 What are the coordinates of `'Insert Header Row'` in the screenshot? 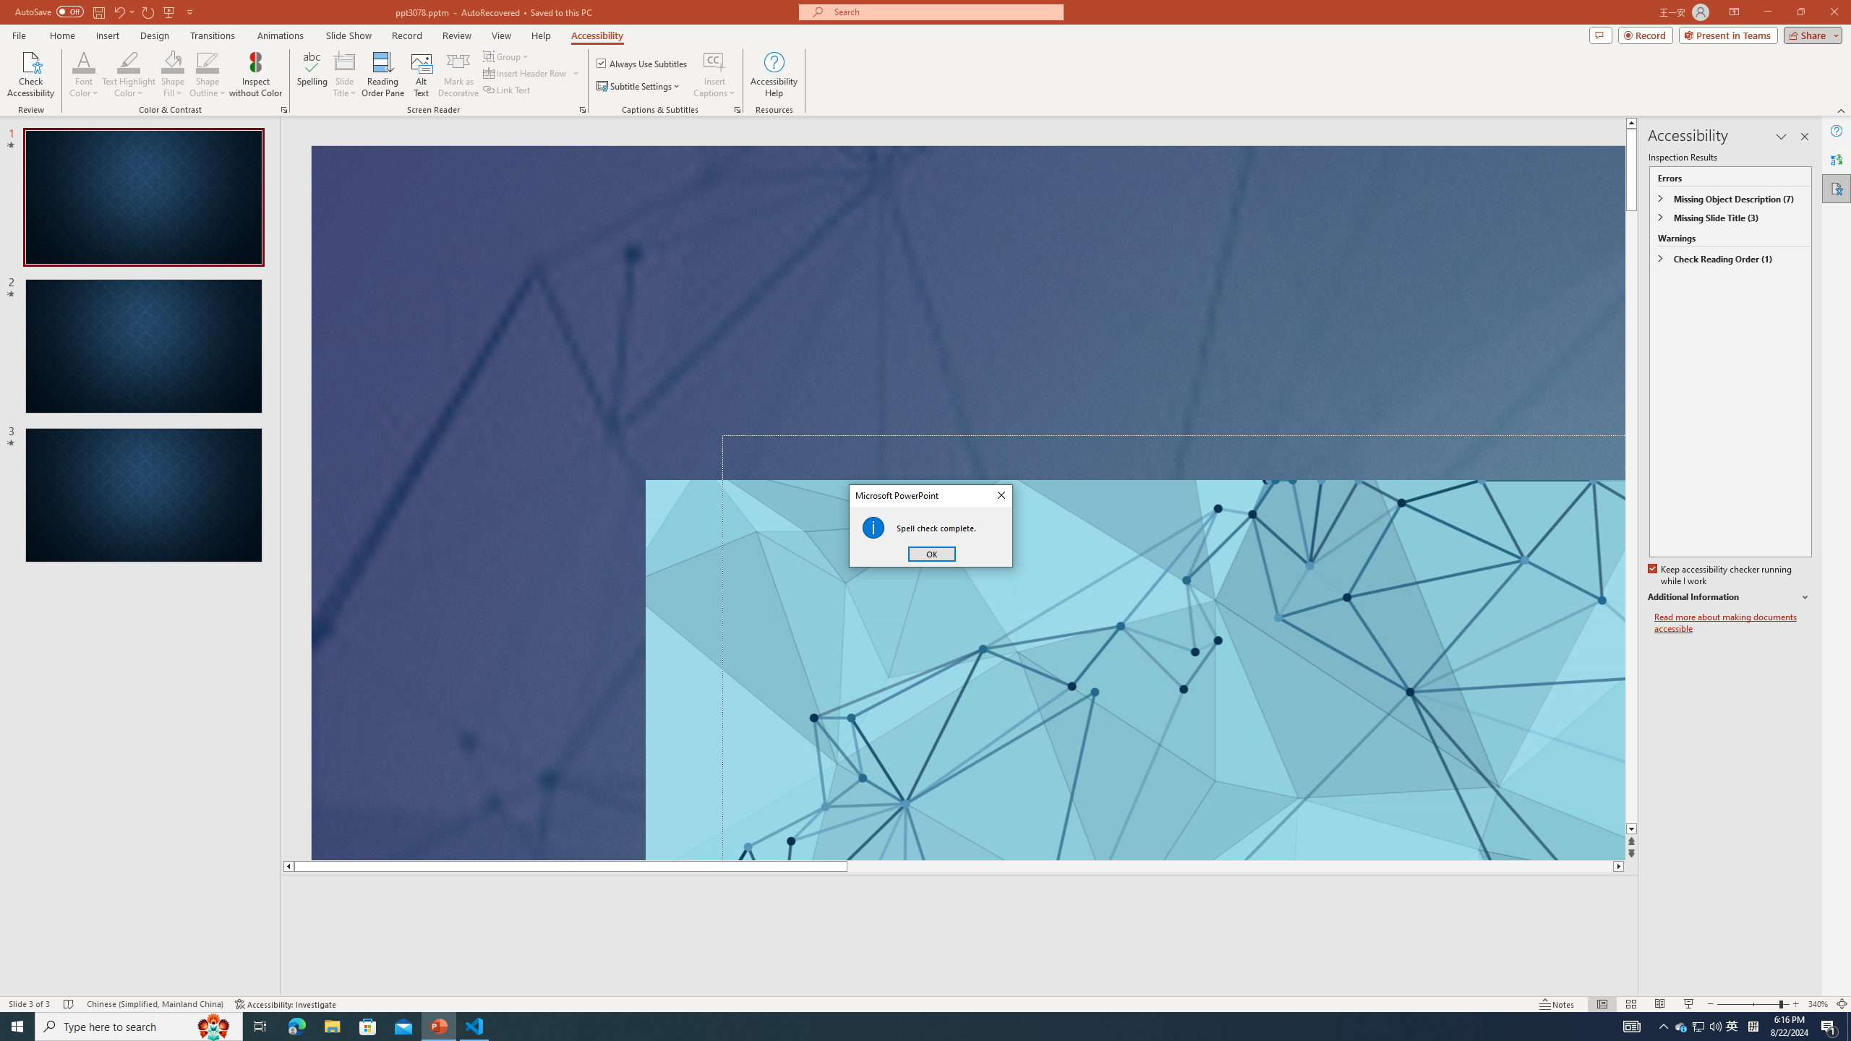 It's located at (526, 72).